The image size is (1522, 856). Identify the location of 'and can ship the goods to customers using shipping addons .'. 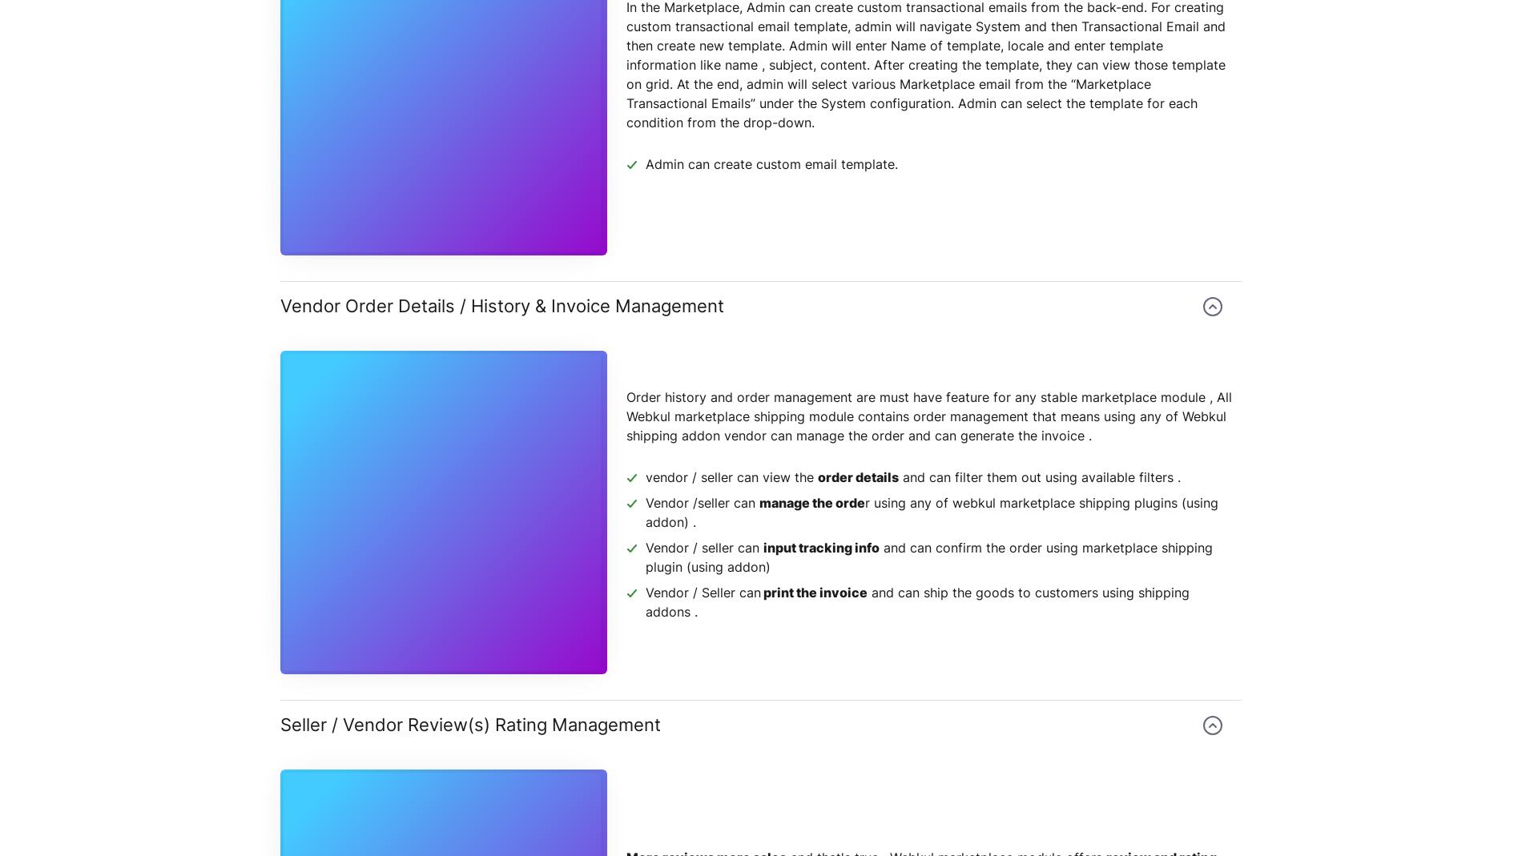
(917, 602).